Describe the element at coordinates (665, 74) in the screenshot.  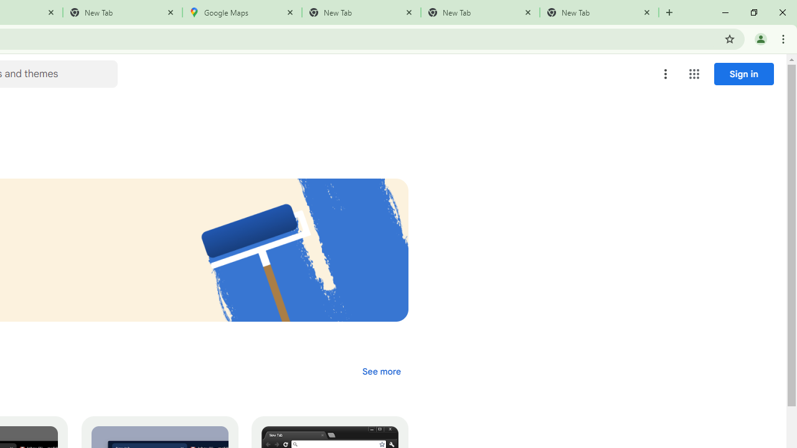
I see `'More options menu'` at that location.